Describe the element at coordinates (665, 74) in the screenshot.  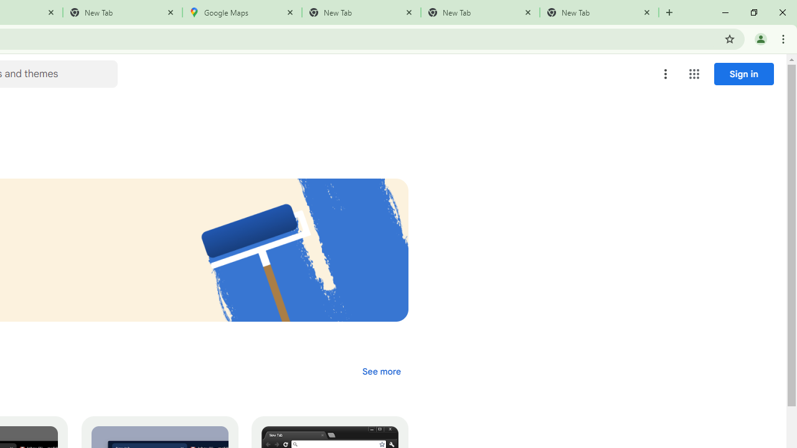
I see `'More options menu'` at that location.